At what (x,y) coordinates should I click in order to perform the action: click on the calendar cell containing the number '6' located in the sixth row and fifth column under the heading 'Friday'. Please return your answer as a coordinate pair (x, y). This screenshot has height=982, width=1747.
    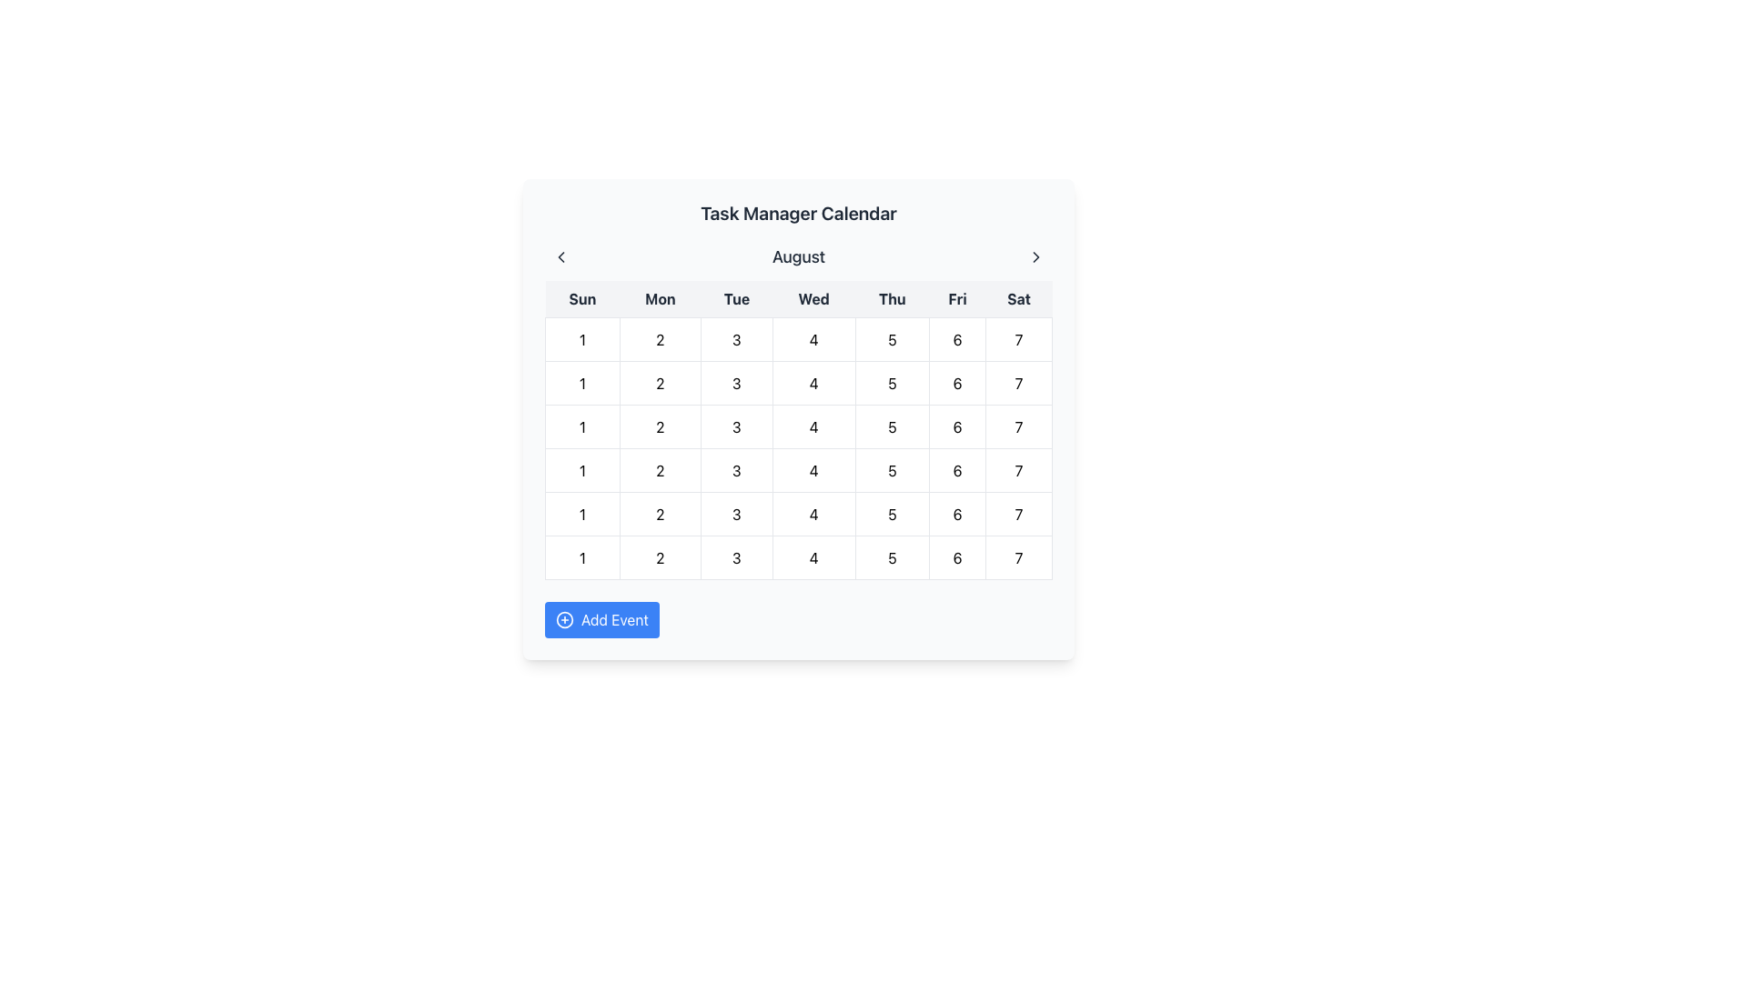
    Looking at the image, I should click on (956, 514).